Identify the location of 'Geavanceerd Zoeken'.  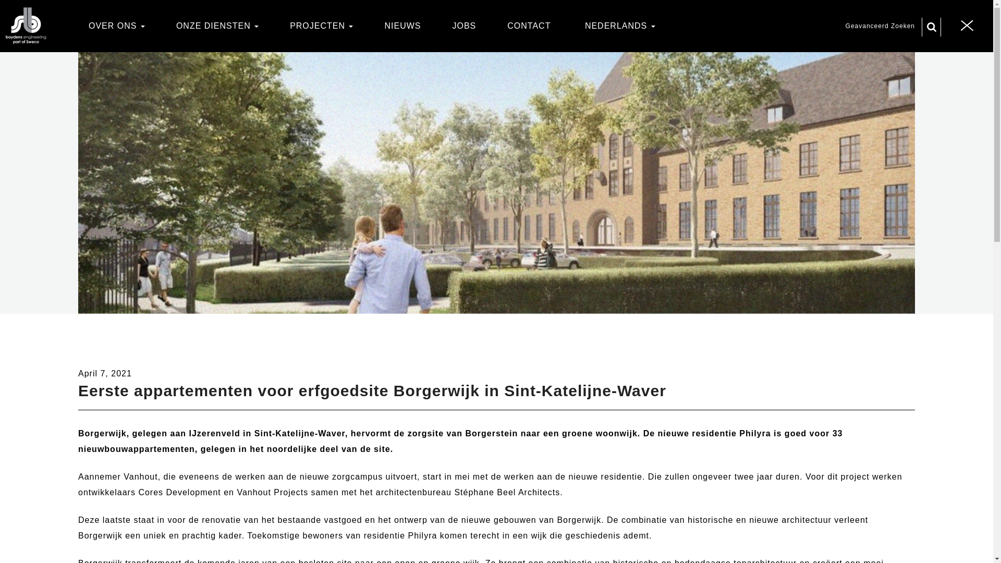
(880, 26).